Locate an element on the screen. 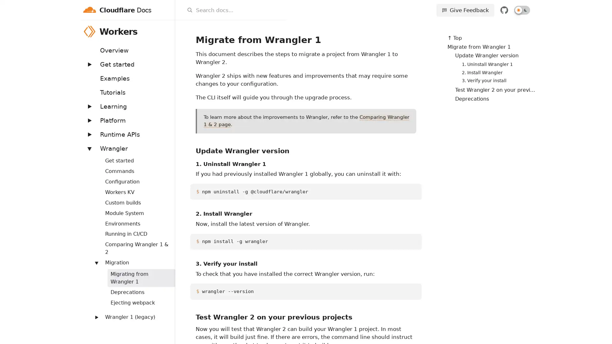  Expand: Workers Sites is located at coordinates (93, 290).